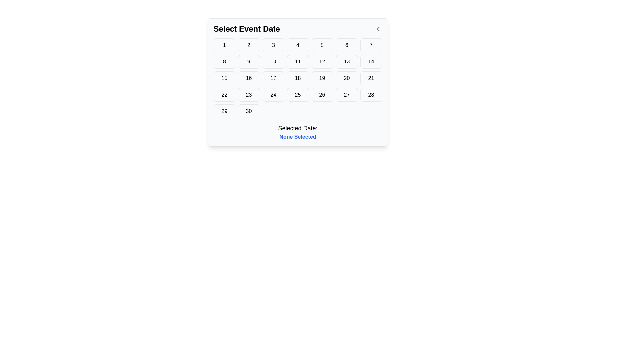  I want to click on the chevron-left arrow icon located in the top-right section of the calendar interface, so click(378, 29).